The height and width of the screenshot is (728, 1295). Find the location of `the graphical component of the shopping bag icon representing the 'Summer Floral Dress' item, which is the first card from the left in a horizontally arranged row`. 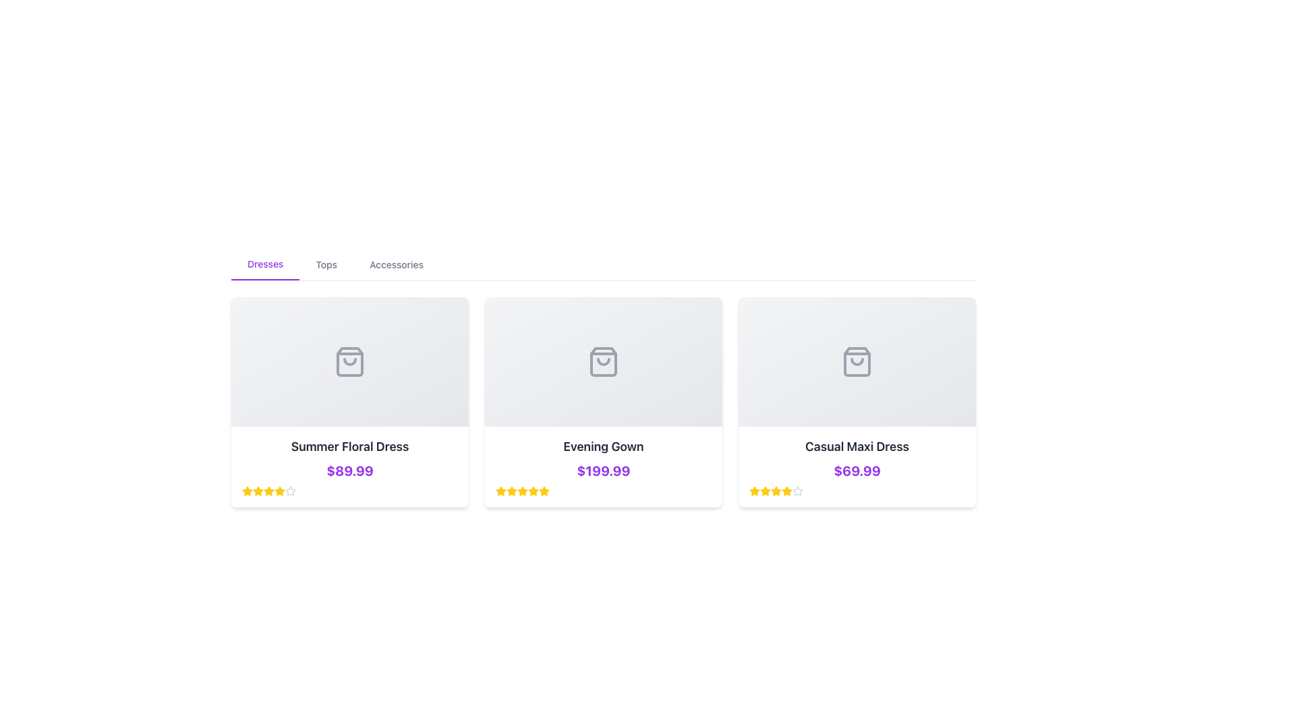

the graphical component of the shopping bag icon representing the 'Summer Floral Dress' item, which is the first card from the left in a horizontally arranged row is located at coordinates (349, 361).